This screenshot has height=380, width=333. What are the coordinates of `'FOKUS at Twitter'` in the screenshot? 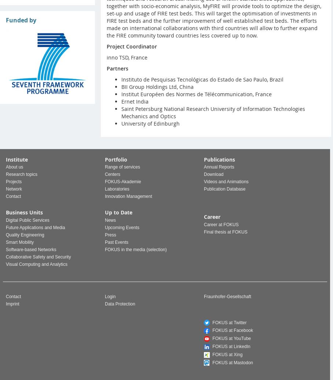 It's located at (228, 322).